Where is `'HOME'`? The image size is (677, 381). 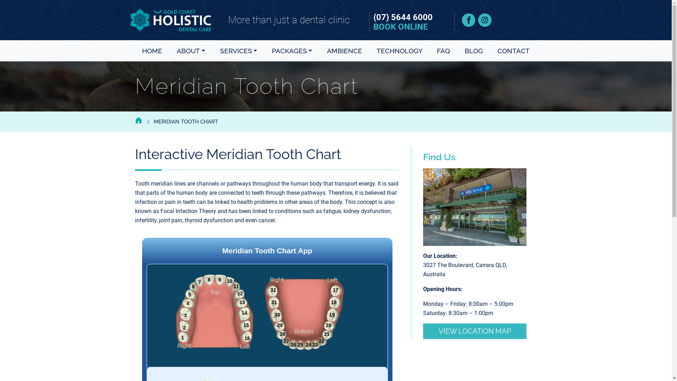 'HOME' is located at coordinates (152, 50).